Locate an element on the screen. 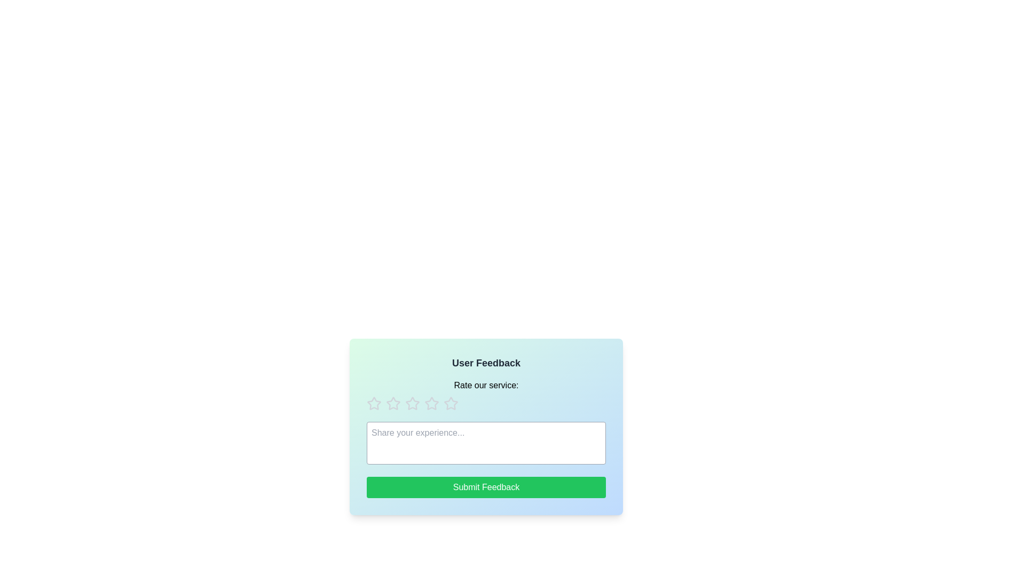 The image size is (1025, 576). the static text label displaying 'Rate our service:' which is located in the 'User Feedback' section, centered above the star icons is located at coordinates (486, 385).